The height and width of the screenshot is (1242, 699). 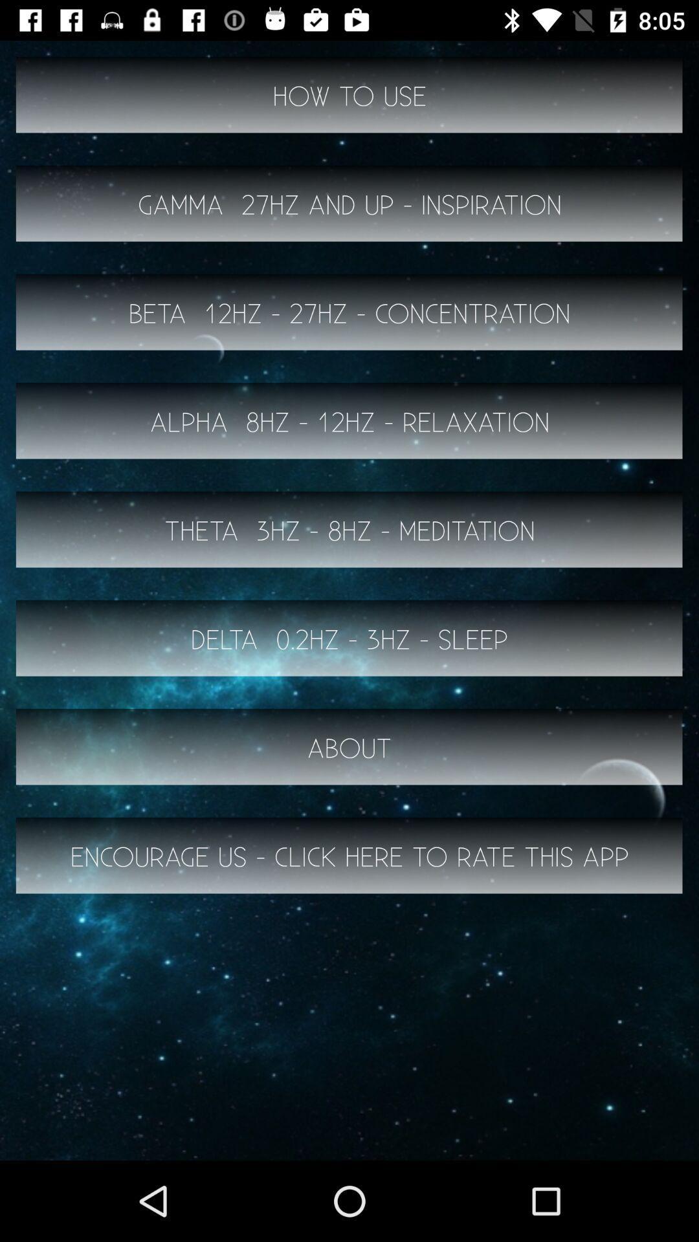 What do you see at coordinates (349, 638) in the screenshot?
I see `delta 0 2hz` at bounding box center [349, 638].